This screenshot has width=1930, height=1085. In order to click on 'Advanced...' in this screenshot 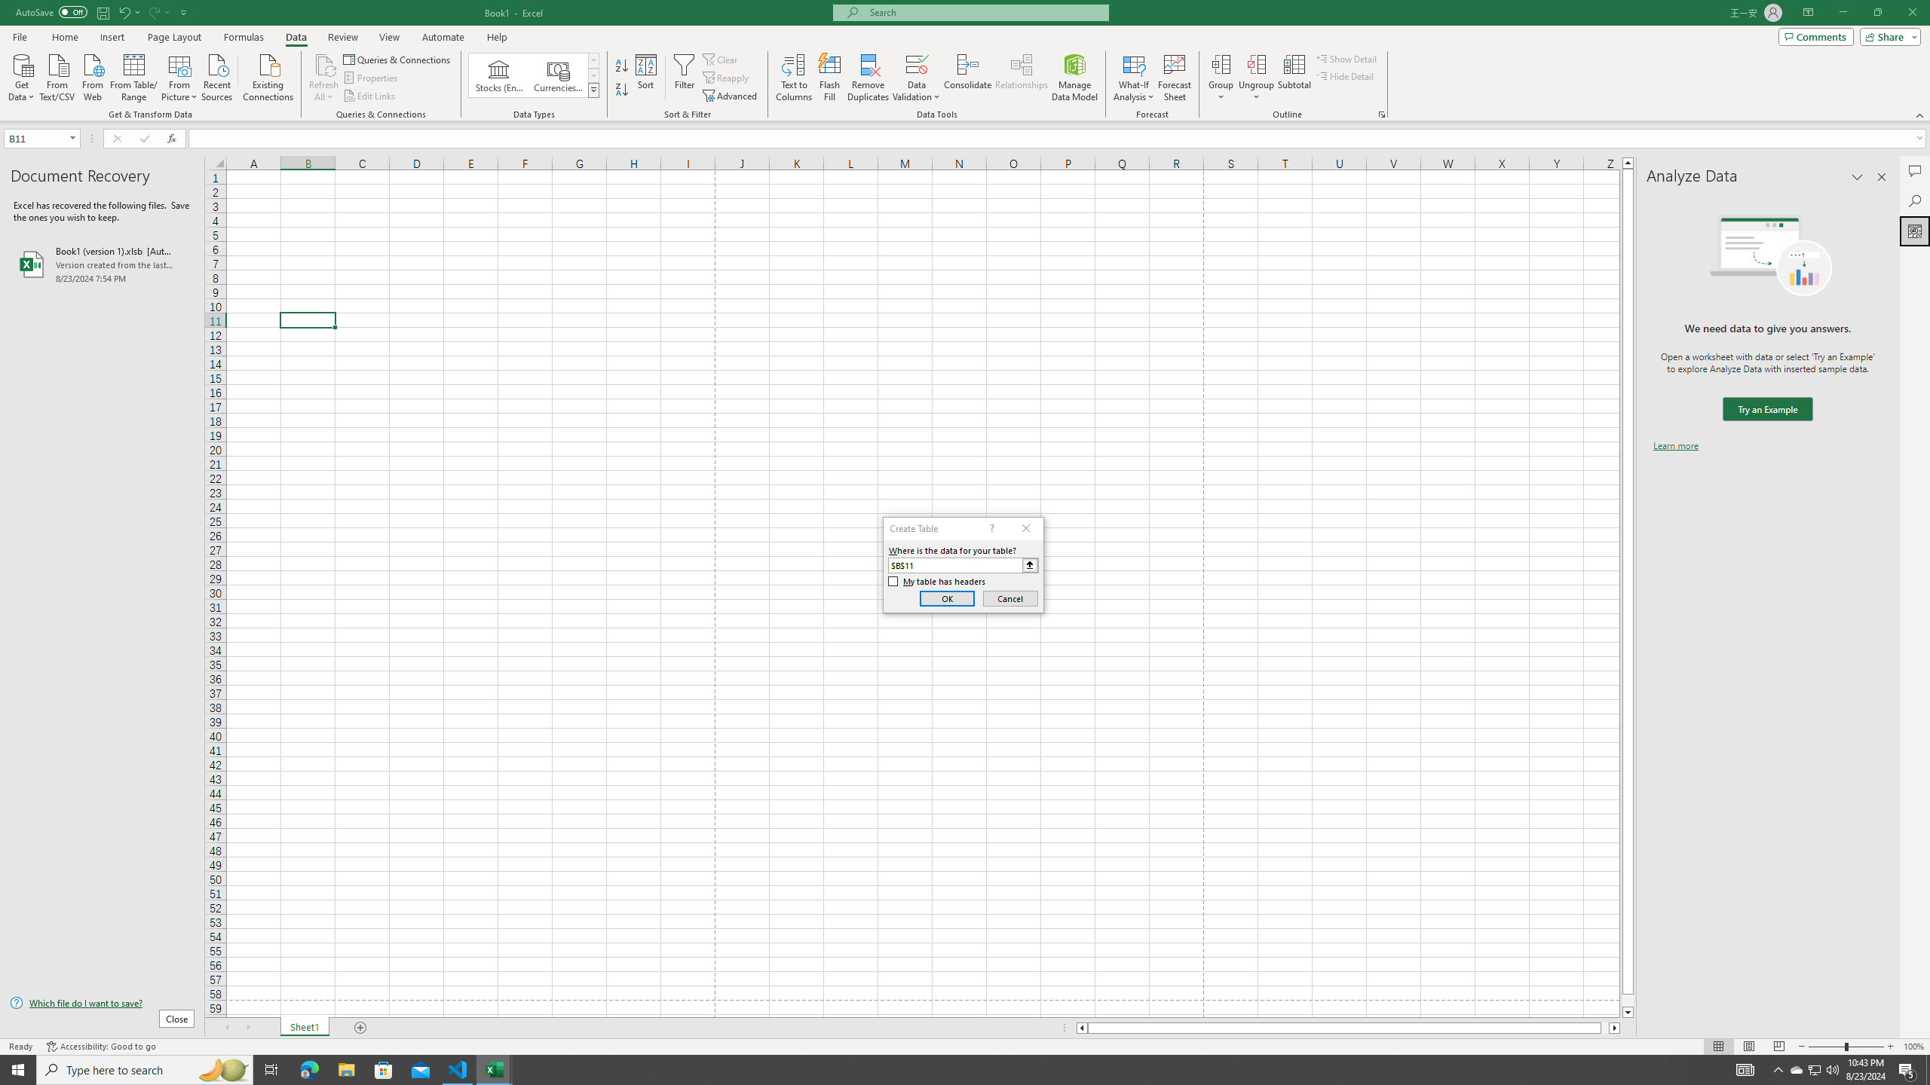, I will do `click(731, 96)`.